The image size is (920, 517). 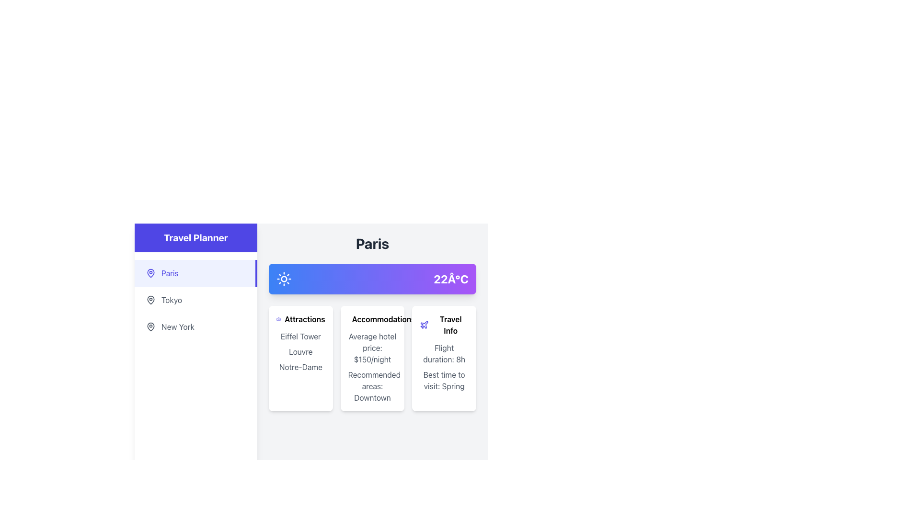 I want to click on the airplane icon located in the 'Travel Info' card, so click(x=424, y=324).